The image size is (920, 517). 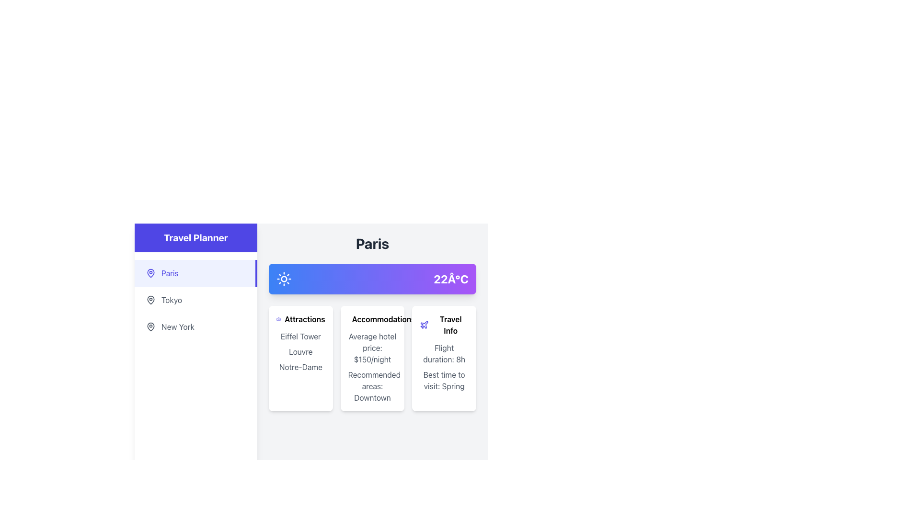 I want to click on the airplane icon located in the 'Travel Info' card, so click(x=424, y=324).